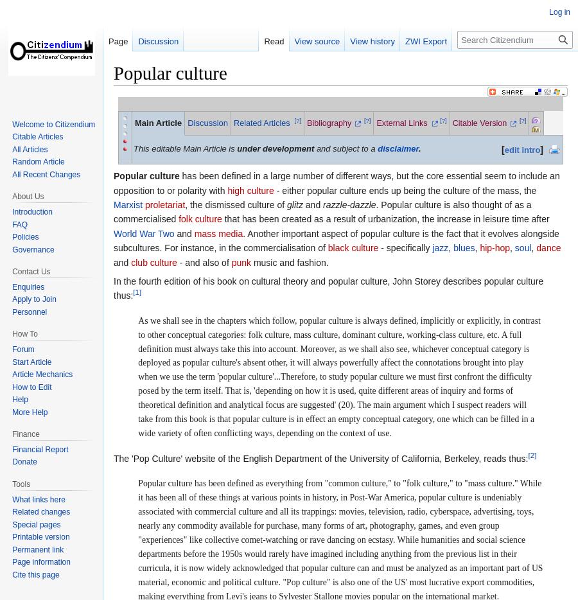 The width and height of the screenshot is (578, 600). What do you see at coordinates (439, 247) in the screenshot?
I see `'jazz'` at bounding box center [439, 247].